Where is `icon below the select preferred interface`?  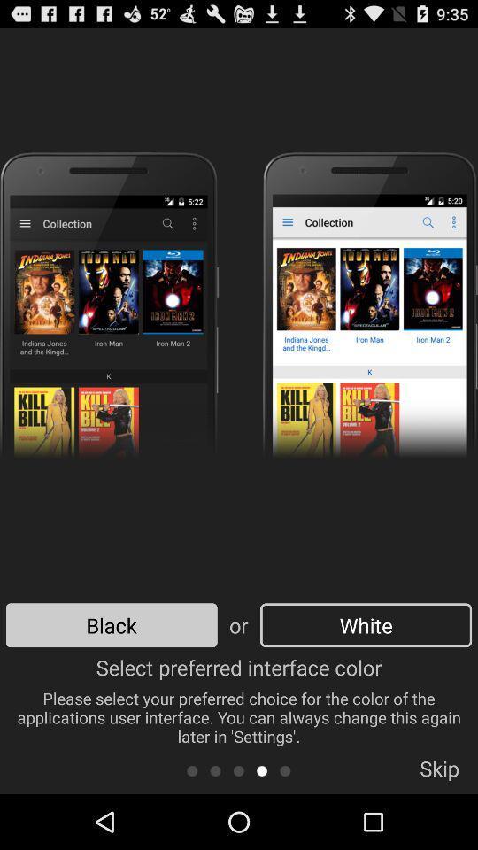 icon below the select preferred interface is located at coordinates (191, 769).